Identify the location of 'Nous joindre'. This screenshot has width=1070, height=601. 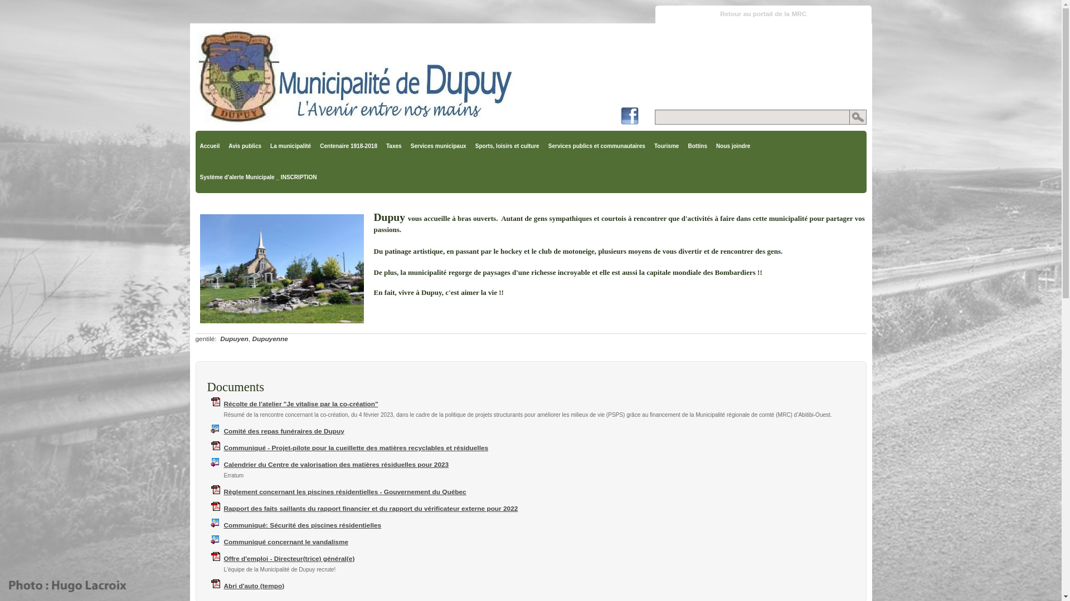
(733, 145).